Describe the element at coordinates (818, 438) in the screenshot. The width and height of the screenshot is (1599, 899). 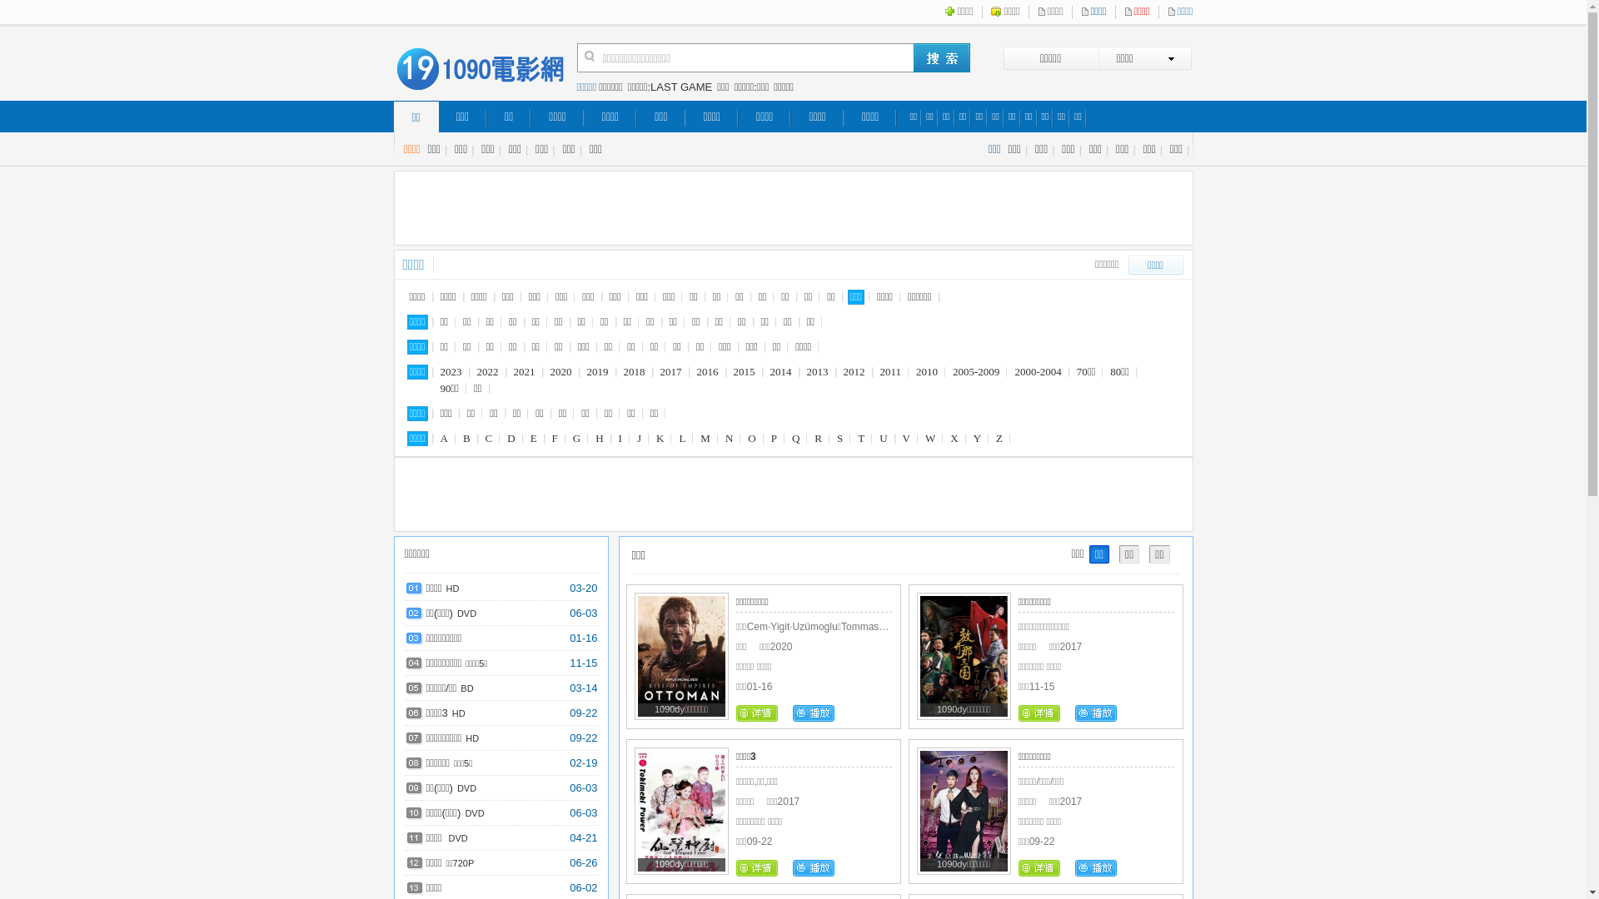
I see `'R'` at that location.